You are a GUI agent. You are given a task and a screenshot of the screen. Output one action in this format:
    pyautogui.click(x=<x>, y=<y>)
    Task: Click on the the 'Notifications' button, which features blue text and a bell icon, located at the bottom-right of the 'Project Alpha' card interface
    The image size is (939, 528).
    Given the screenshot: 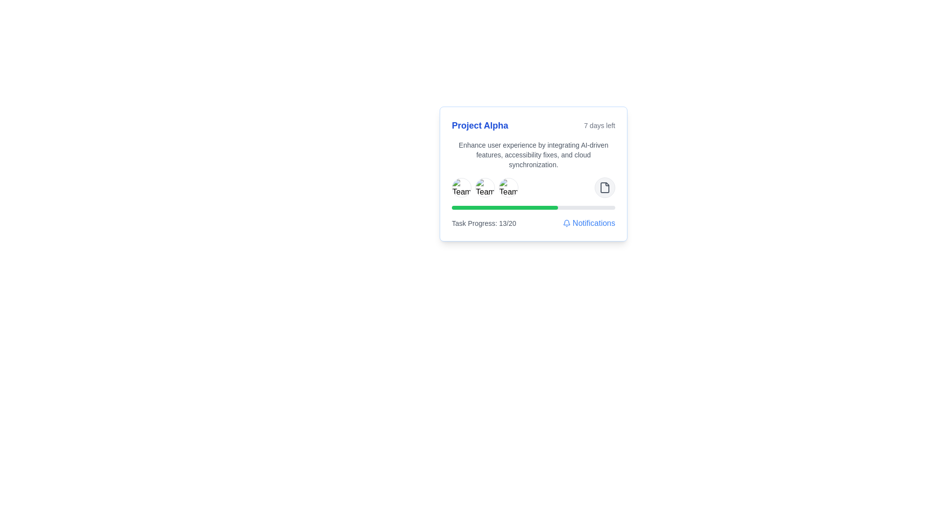 What is the action you would take?
    pyautogui.click(x=588, y=223)
    